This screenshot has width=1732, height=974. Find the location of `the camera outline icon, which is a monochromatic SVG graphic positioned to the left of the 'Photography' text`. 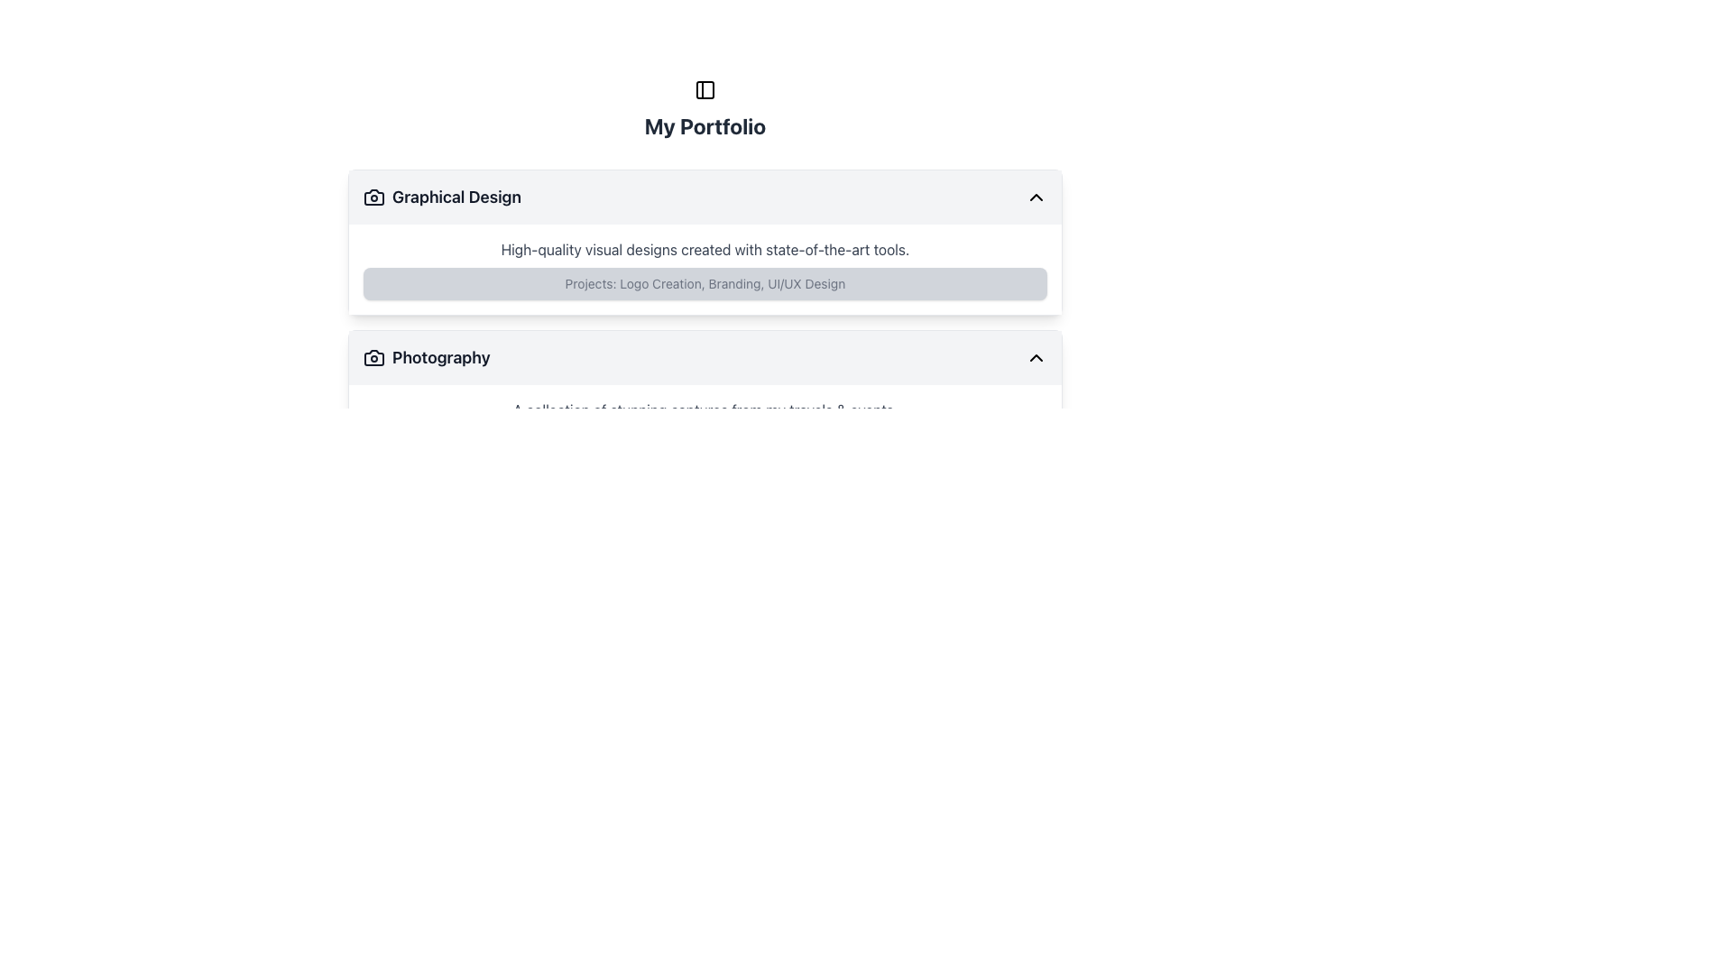

the camera outline icon, which is a monochromatic SVG graphic positioned to the left of the 'Photography' text is located at coordinates (373, 358).